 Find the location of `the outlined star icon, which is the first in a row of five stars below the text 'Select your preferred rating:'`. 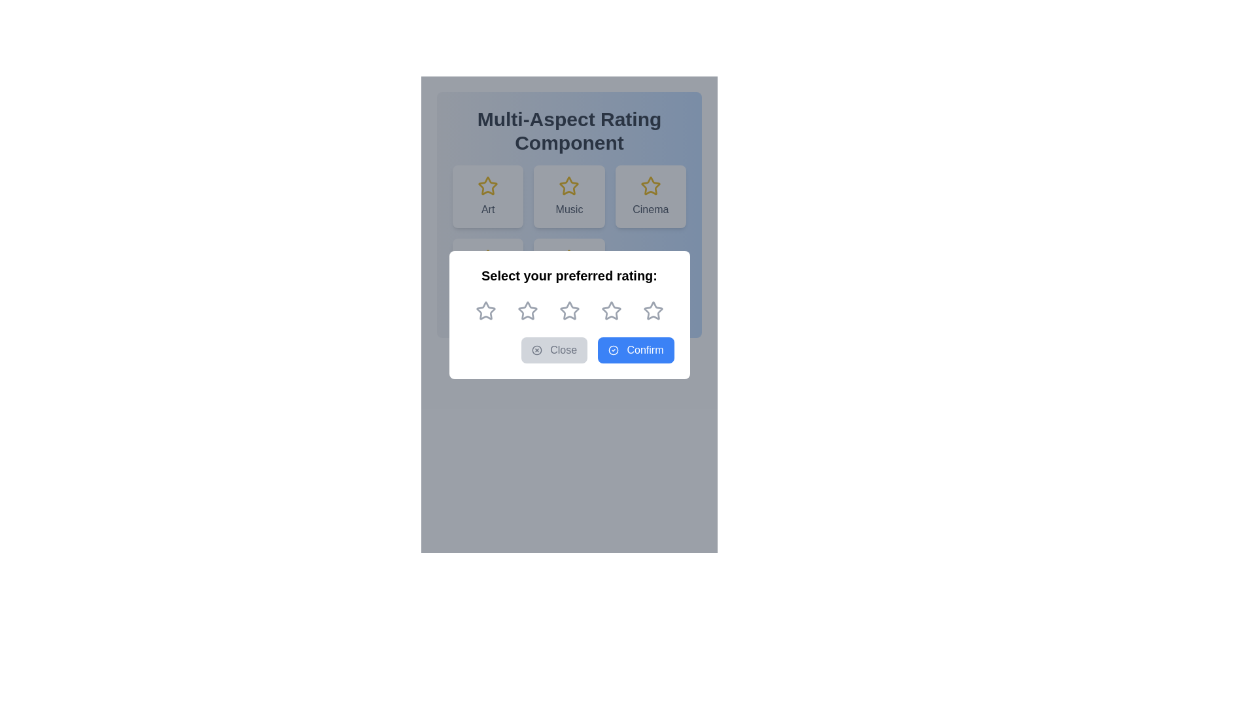

the outlined star icon, which is the first in a row of five stars below the text 'Select your preferred rating:' is located at coordinates (485, 311).